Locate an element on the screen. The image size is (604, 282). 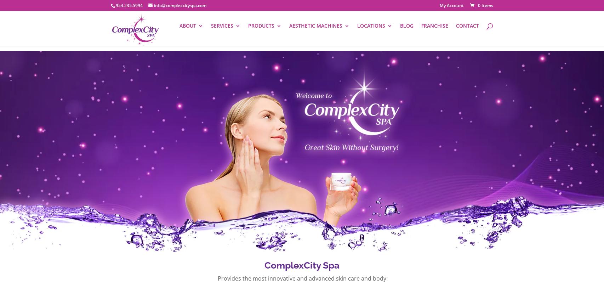
'TESTIMONIALS' is located at coordinates (193, 80).